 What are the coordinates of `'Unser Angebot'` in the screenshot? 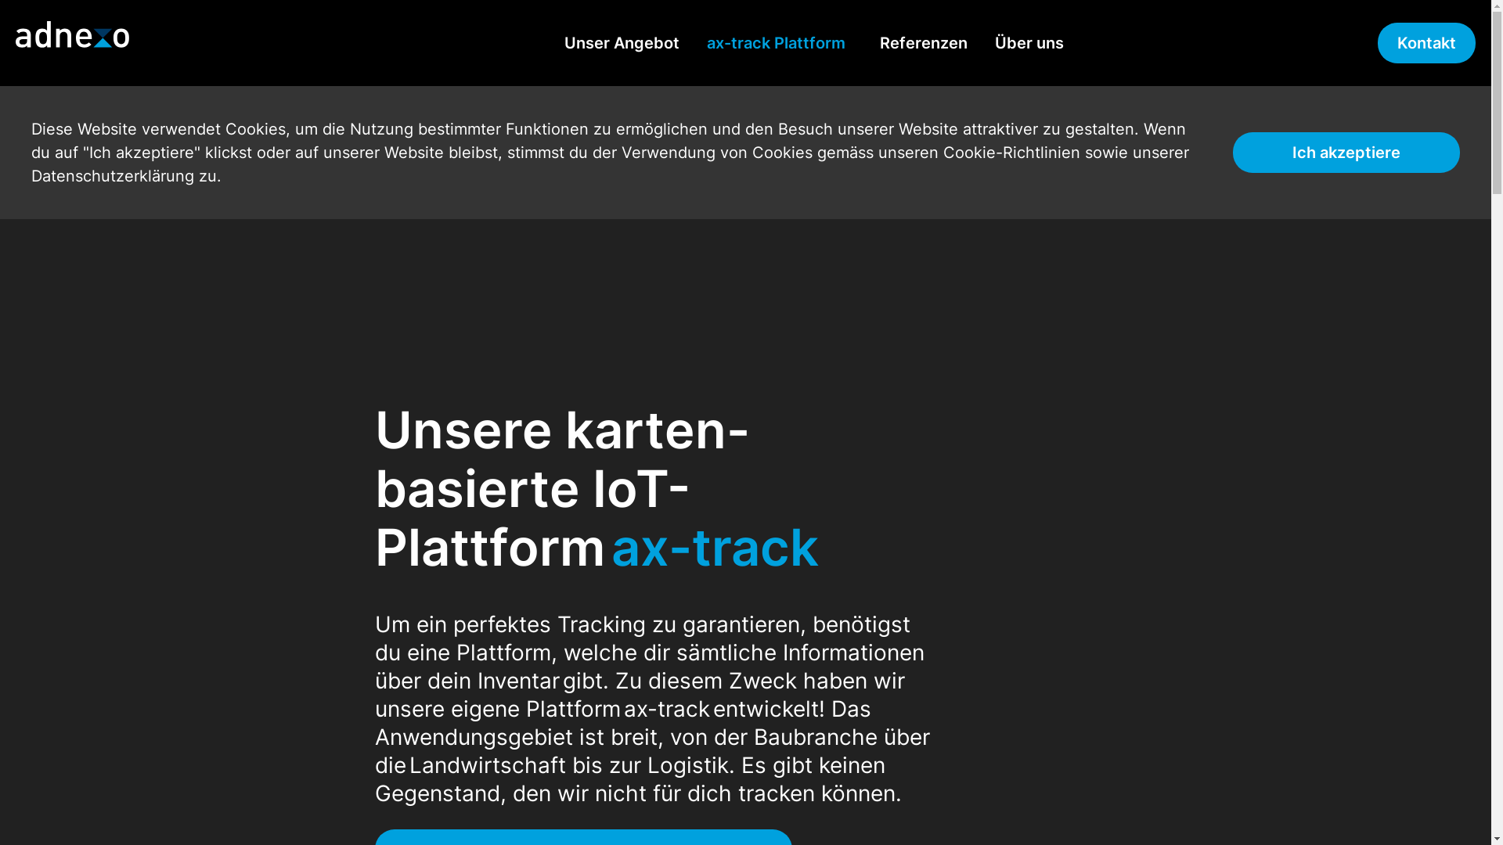 It's located at (621, 41).